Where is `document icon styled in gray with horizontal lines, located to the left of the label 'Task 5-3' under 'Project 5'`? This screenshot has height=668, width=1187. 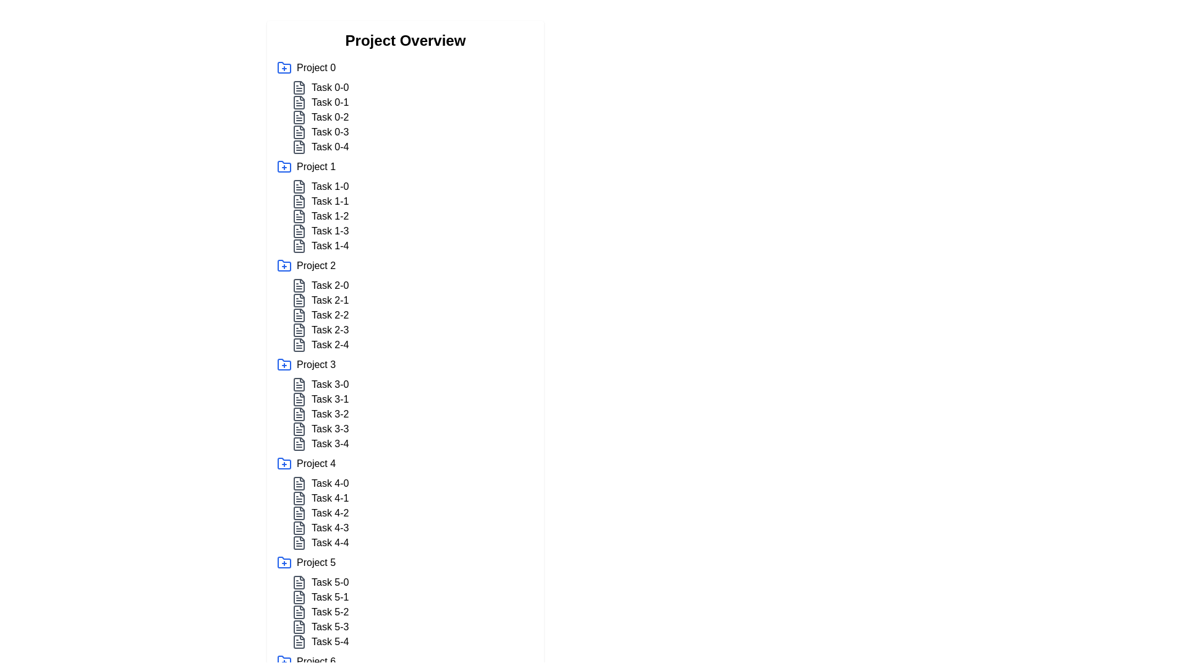 document icon styled in gray with horizontal lines, located to the left of the label 'Task 5-3' under 'Project 5' is located at coordinates (299, 627).